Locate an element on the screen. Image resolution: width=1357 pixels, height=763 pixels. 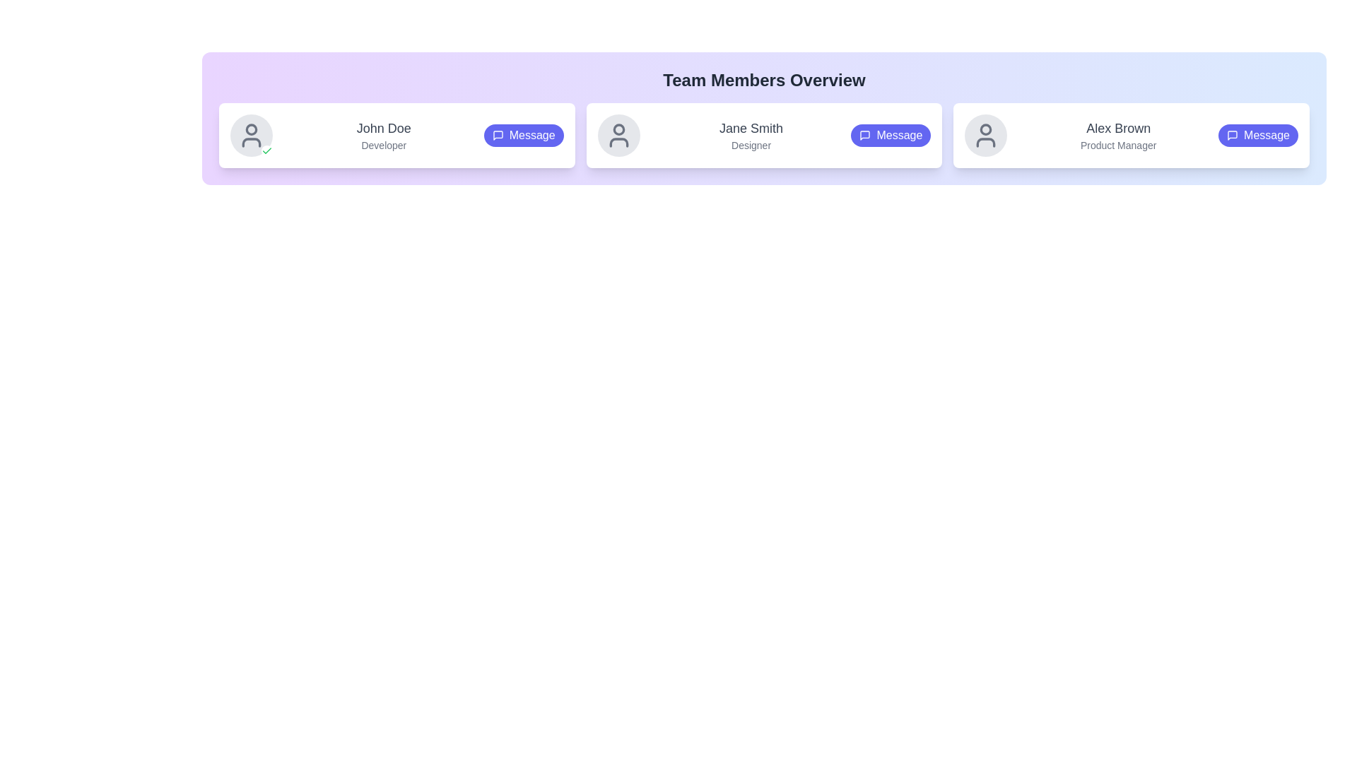
the user avatar located in the upper-left corner, which features a gray circular background with a user icon and a green checkmark indicating active status is located at coordinates (251, 136).